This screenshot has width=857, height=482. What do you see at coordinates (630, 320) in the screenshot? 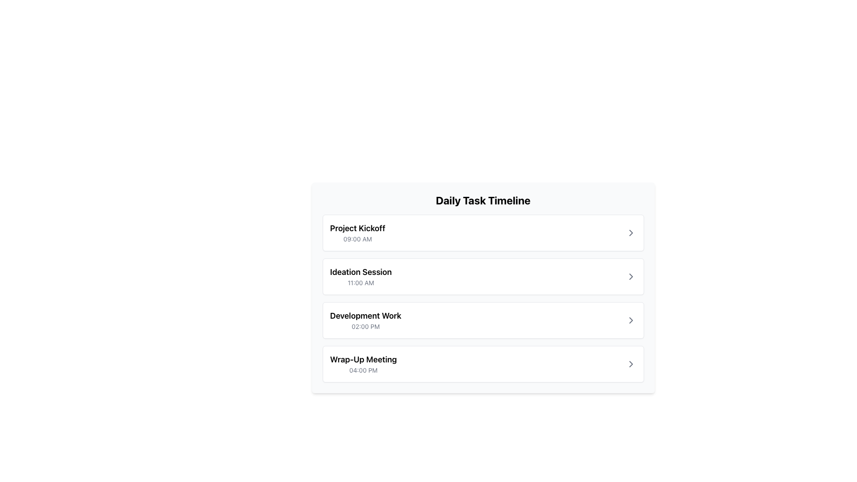
I see `the rightmost button in the task entry labeled 'Development Work' at 02:00 PM` at bounding box center [630, 320].